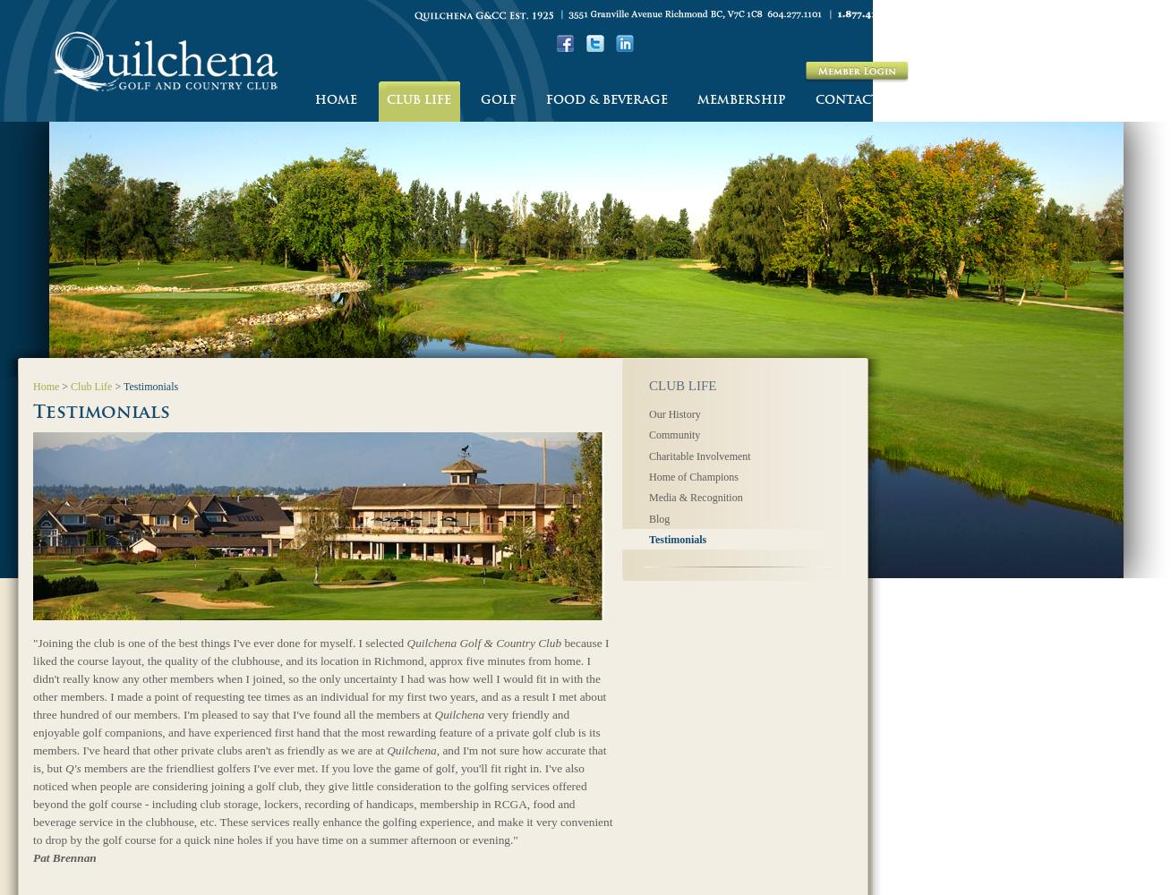 The width and height of the screenshot is (1171, 895). I want to click on 'Quilchena Golf & Country Club', so click(483, 641).